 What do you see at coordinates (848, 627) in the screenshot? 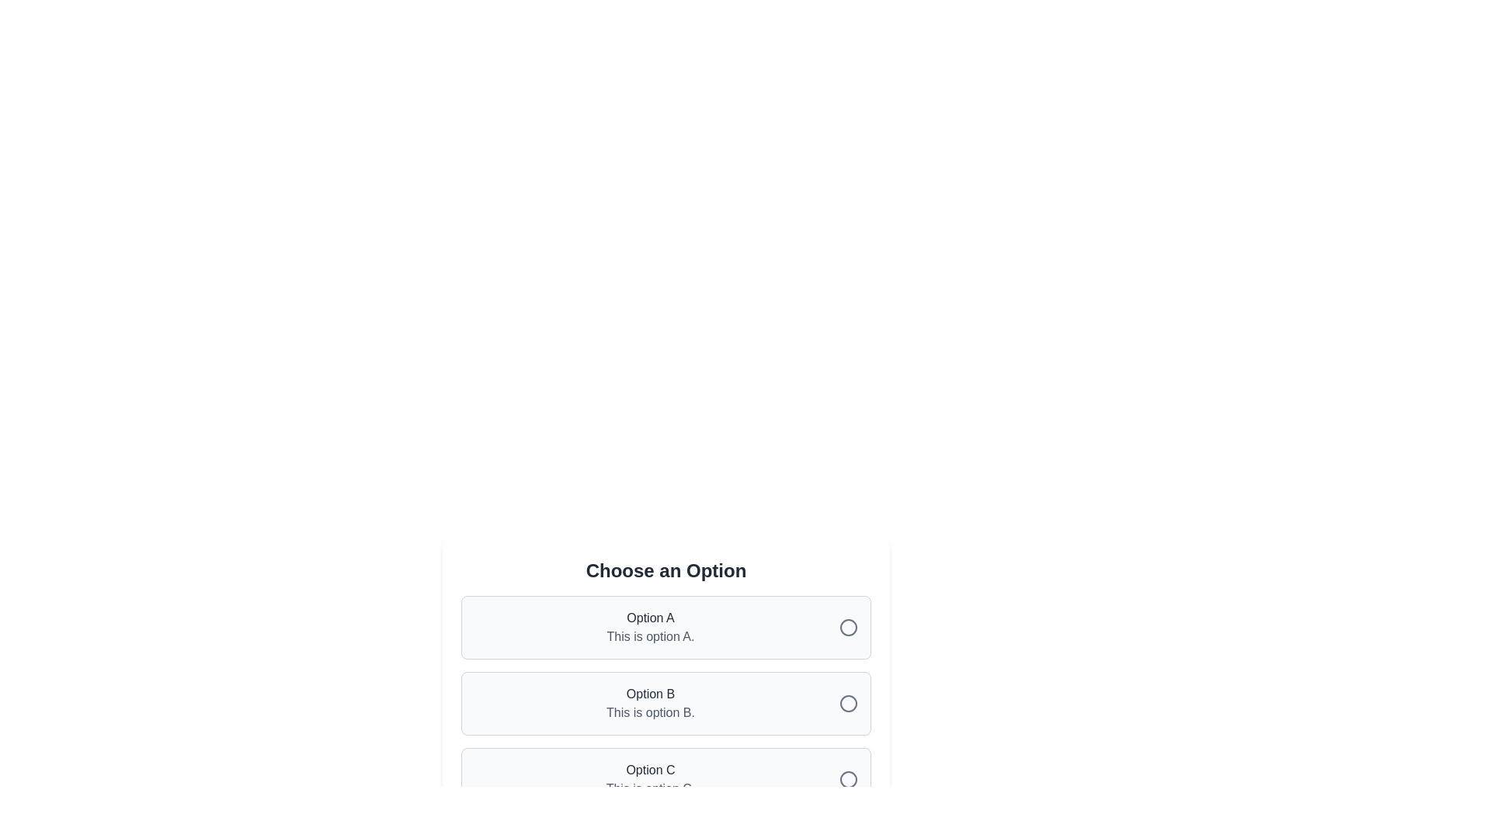
I see `the icon located in the top-right corner of the block labeled 'Option A', which indicates a selection or state for 'Option A'` at bounding box center [848, 627].